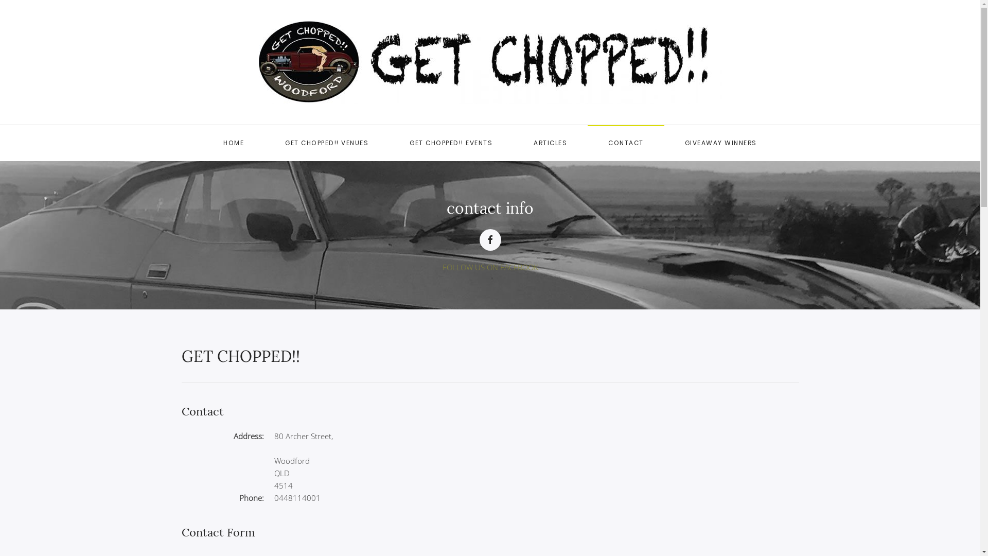  Describe the element at coordinates (451, 143) in the screenshot. I see `'GET CHOPPED!! EVENTS'` at that location.